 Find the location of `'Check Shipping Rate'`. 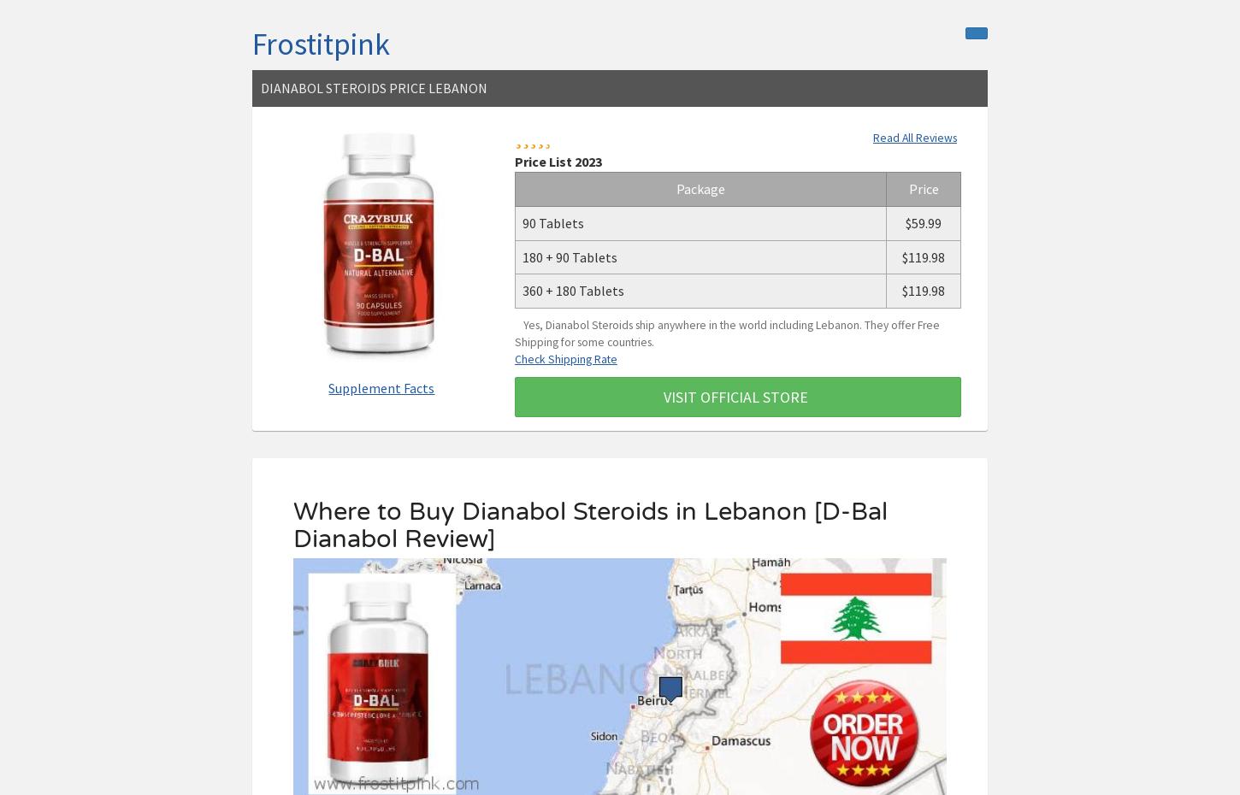

'Check Shipping Rate' is located at coordinates (564, 359).